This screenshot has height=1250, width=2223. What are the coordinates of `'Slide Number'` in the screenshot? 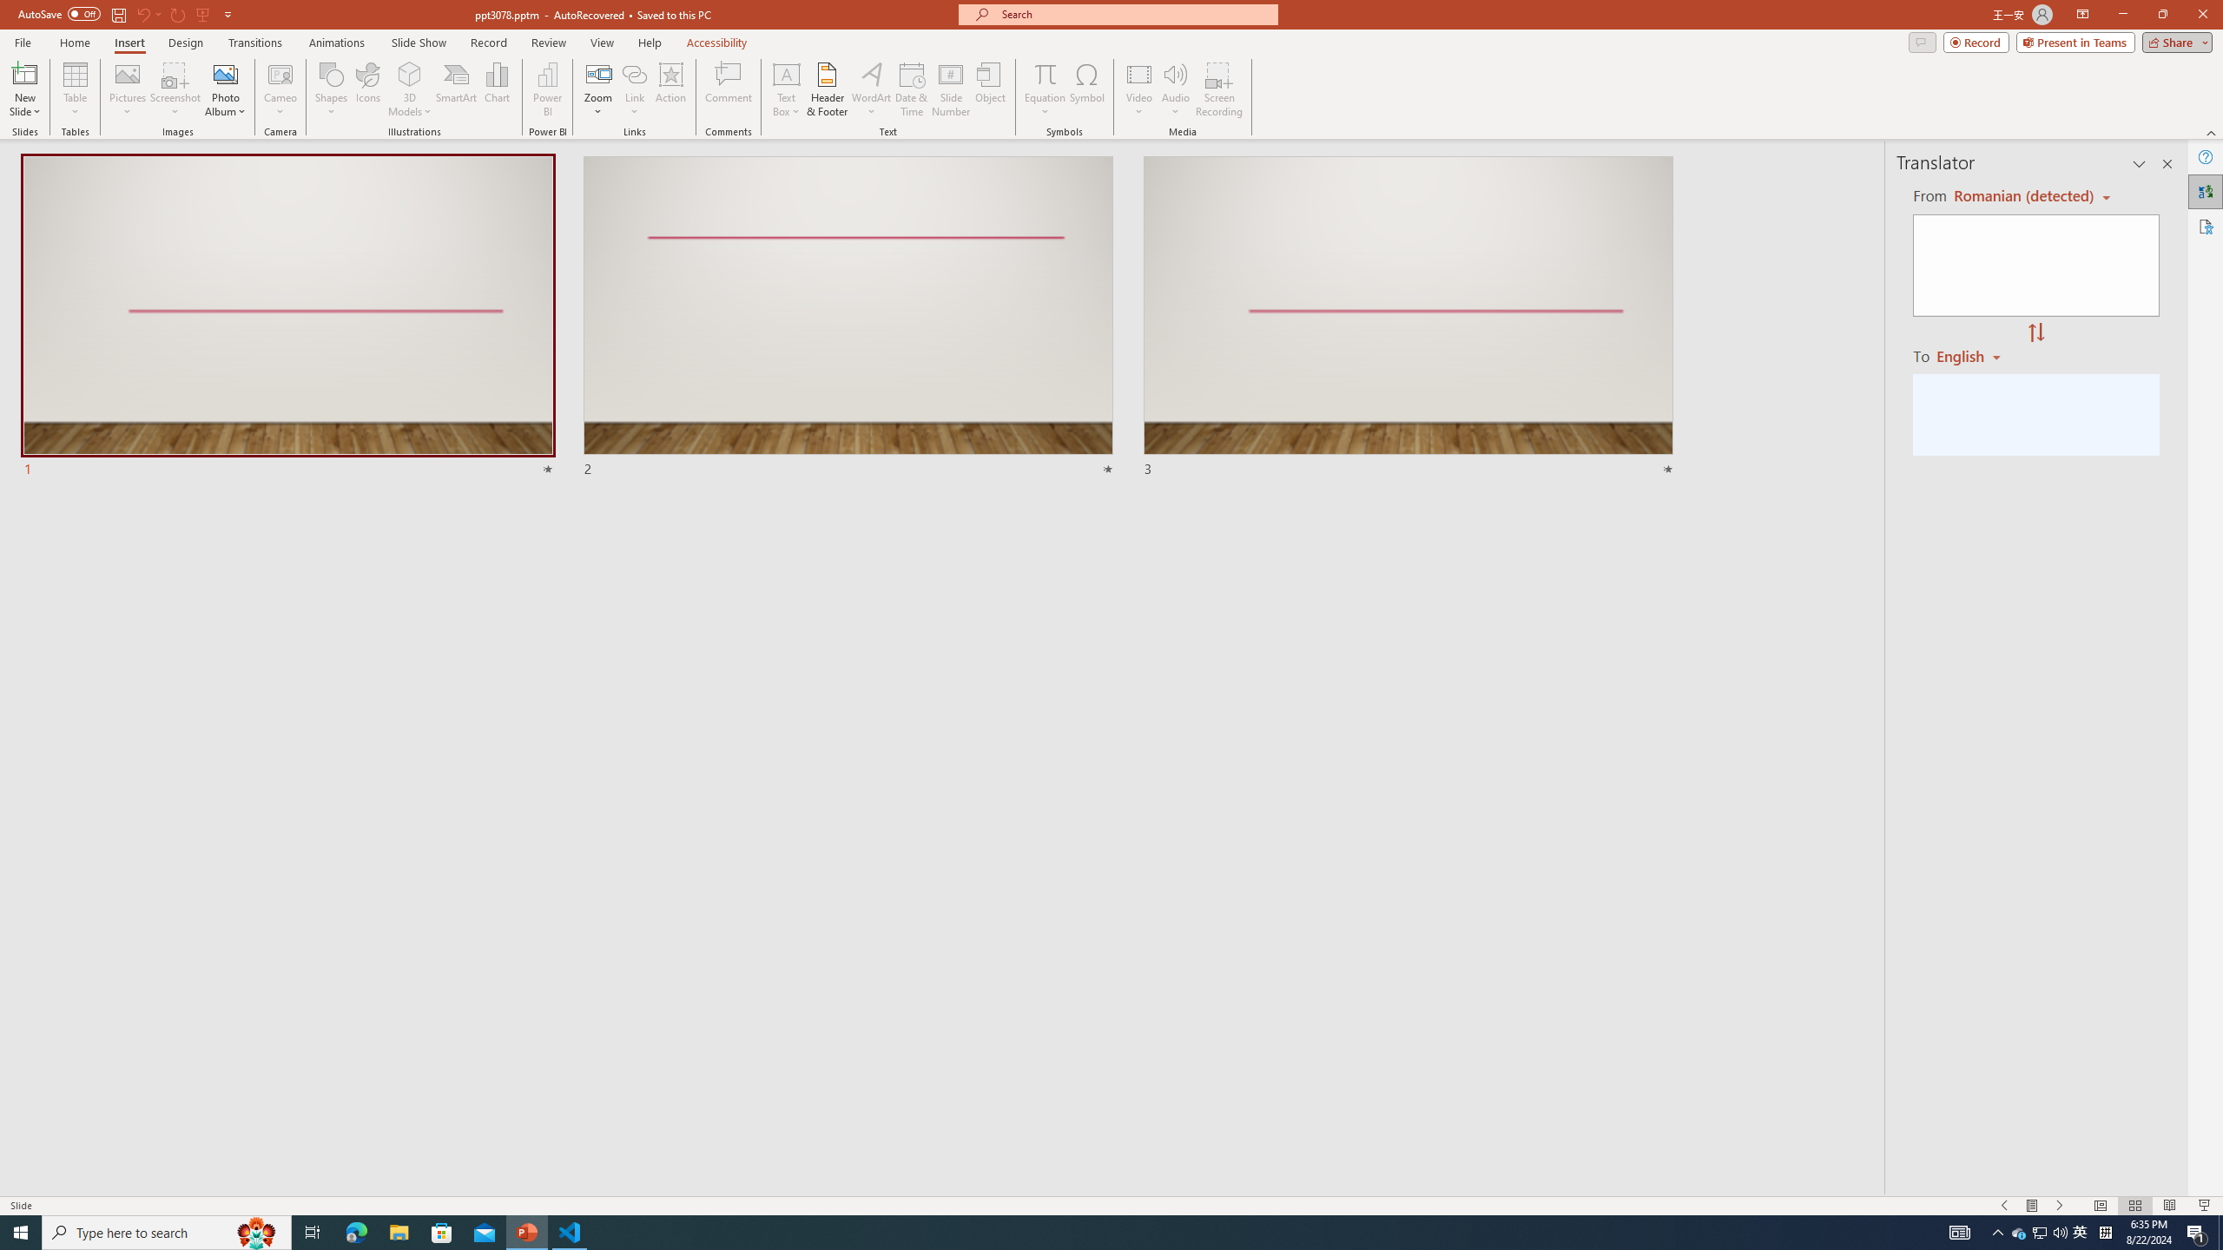 It's located at (950, 89).